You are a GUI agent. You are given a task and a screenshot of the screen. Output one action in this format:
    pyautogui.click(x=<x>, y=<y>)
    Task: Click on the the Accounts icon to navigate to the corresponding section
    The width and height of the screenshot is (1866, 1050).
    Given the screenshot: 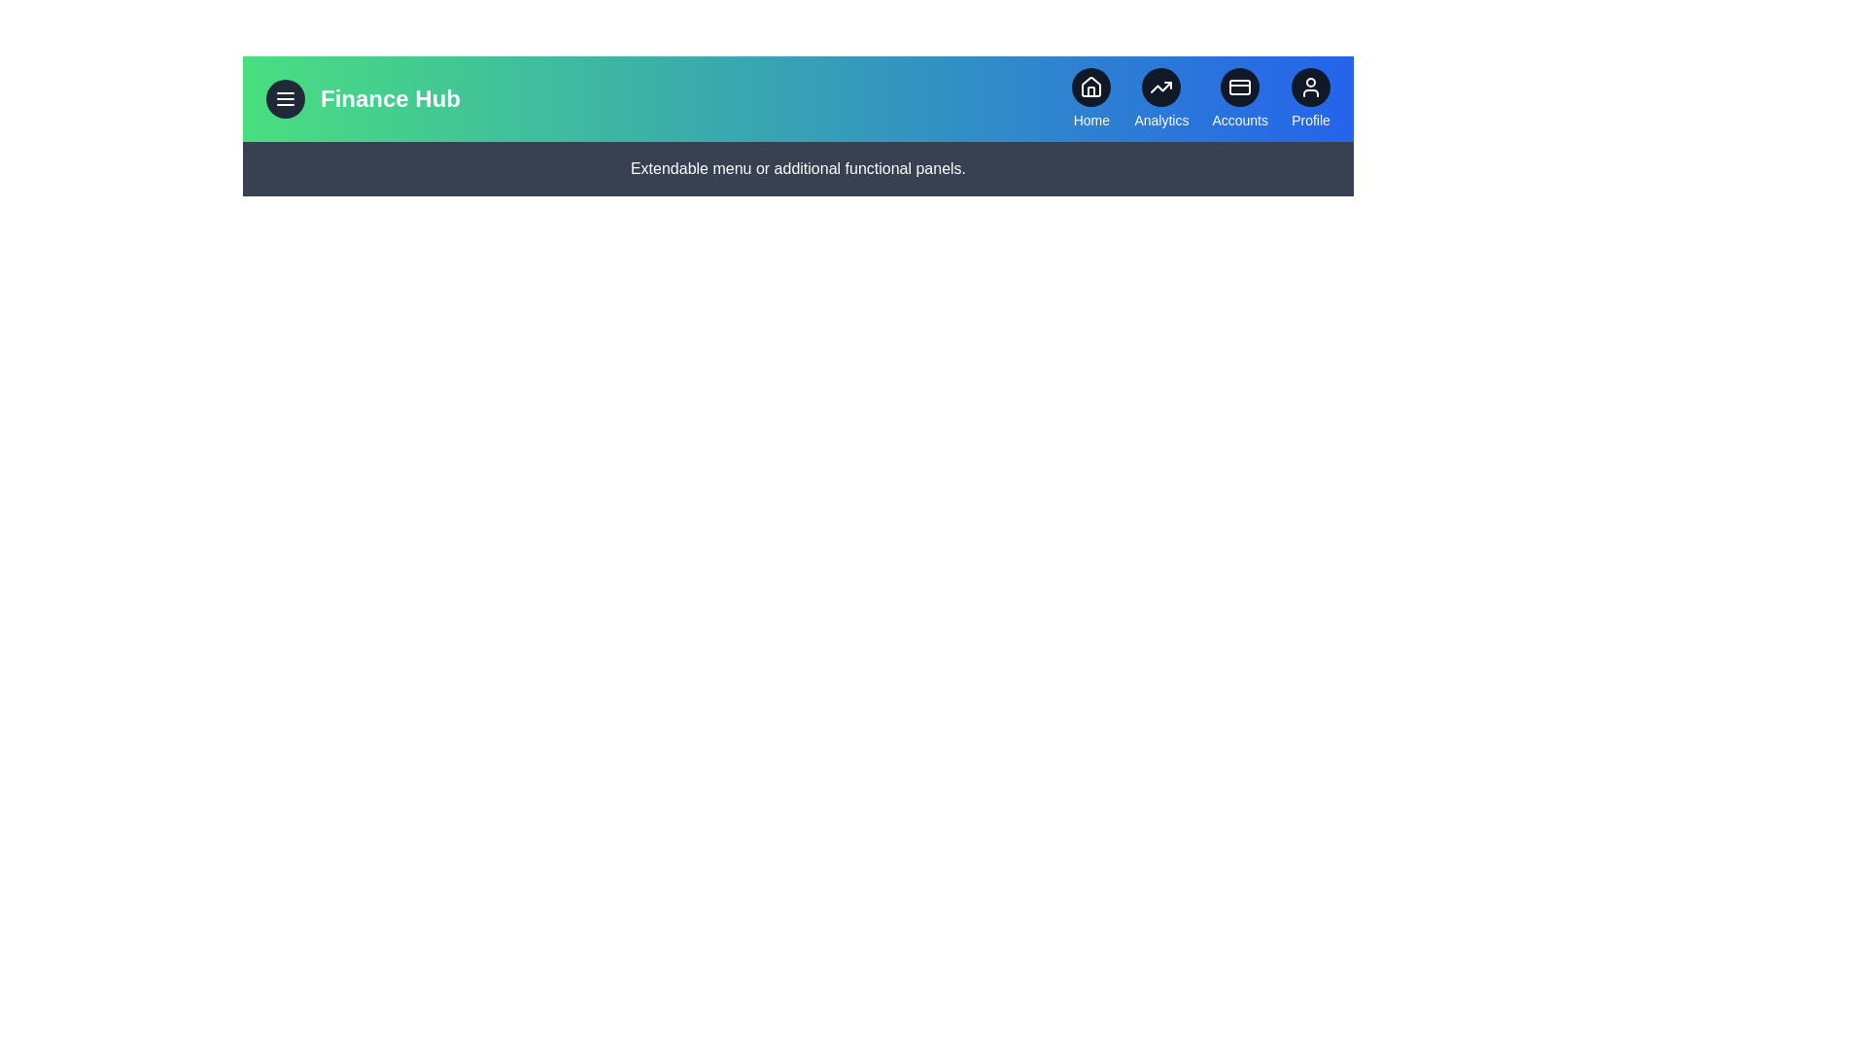 What is the action you would take?
    pyautogui.click(x=1239, y=86)
    